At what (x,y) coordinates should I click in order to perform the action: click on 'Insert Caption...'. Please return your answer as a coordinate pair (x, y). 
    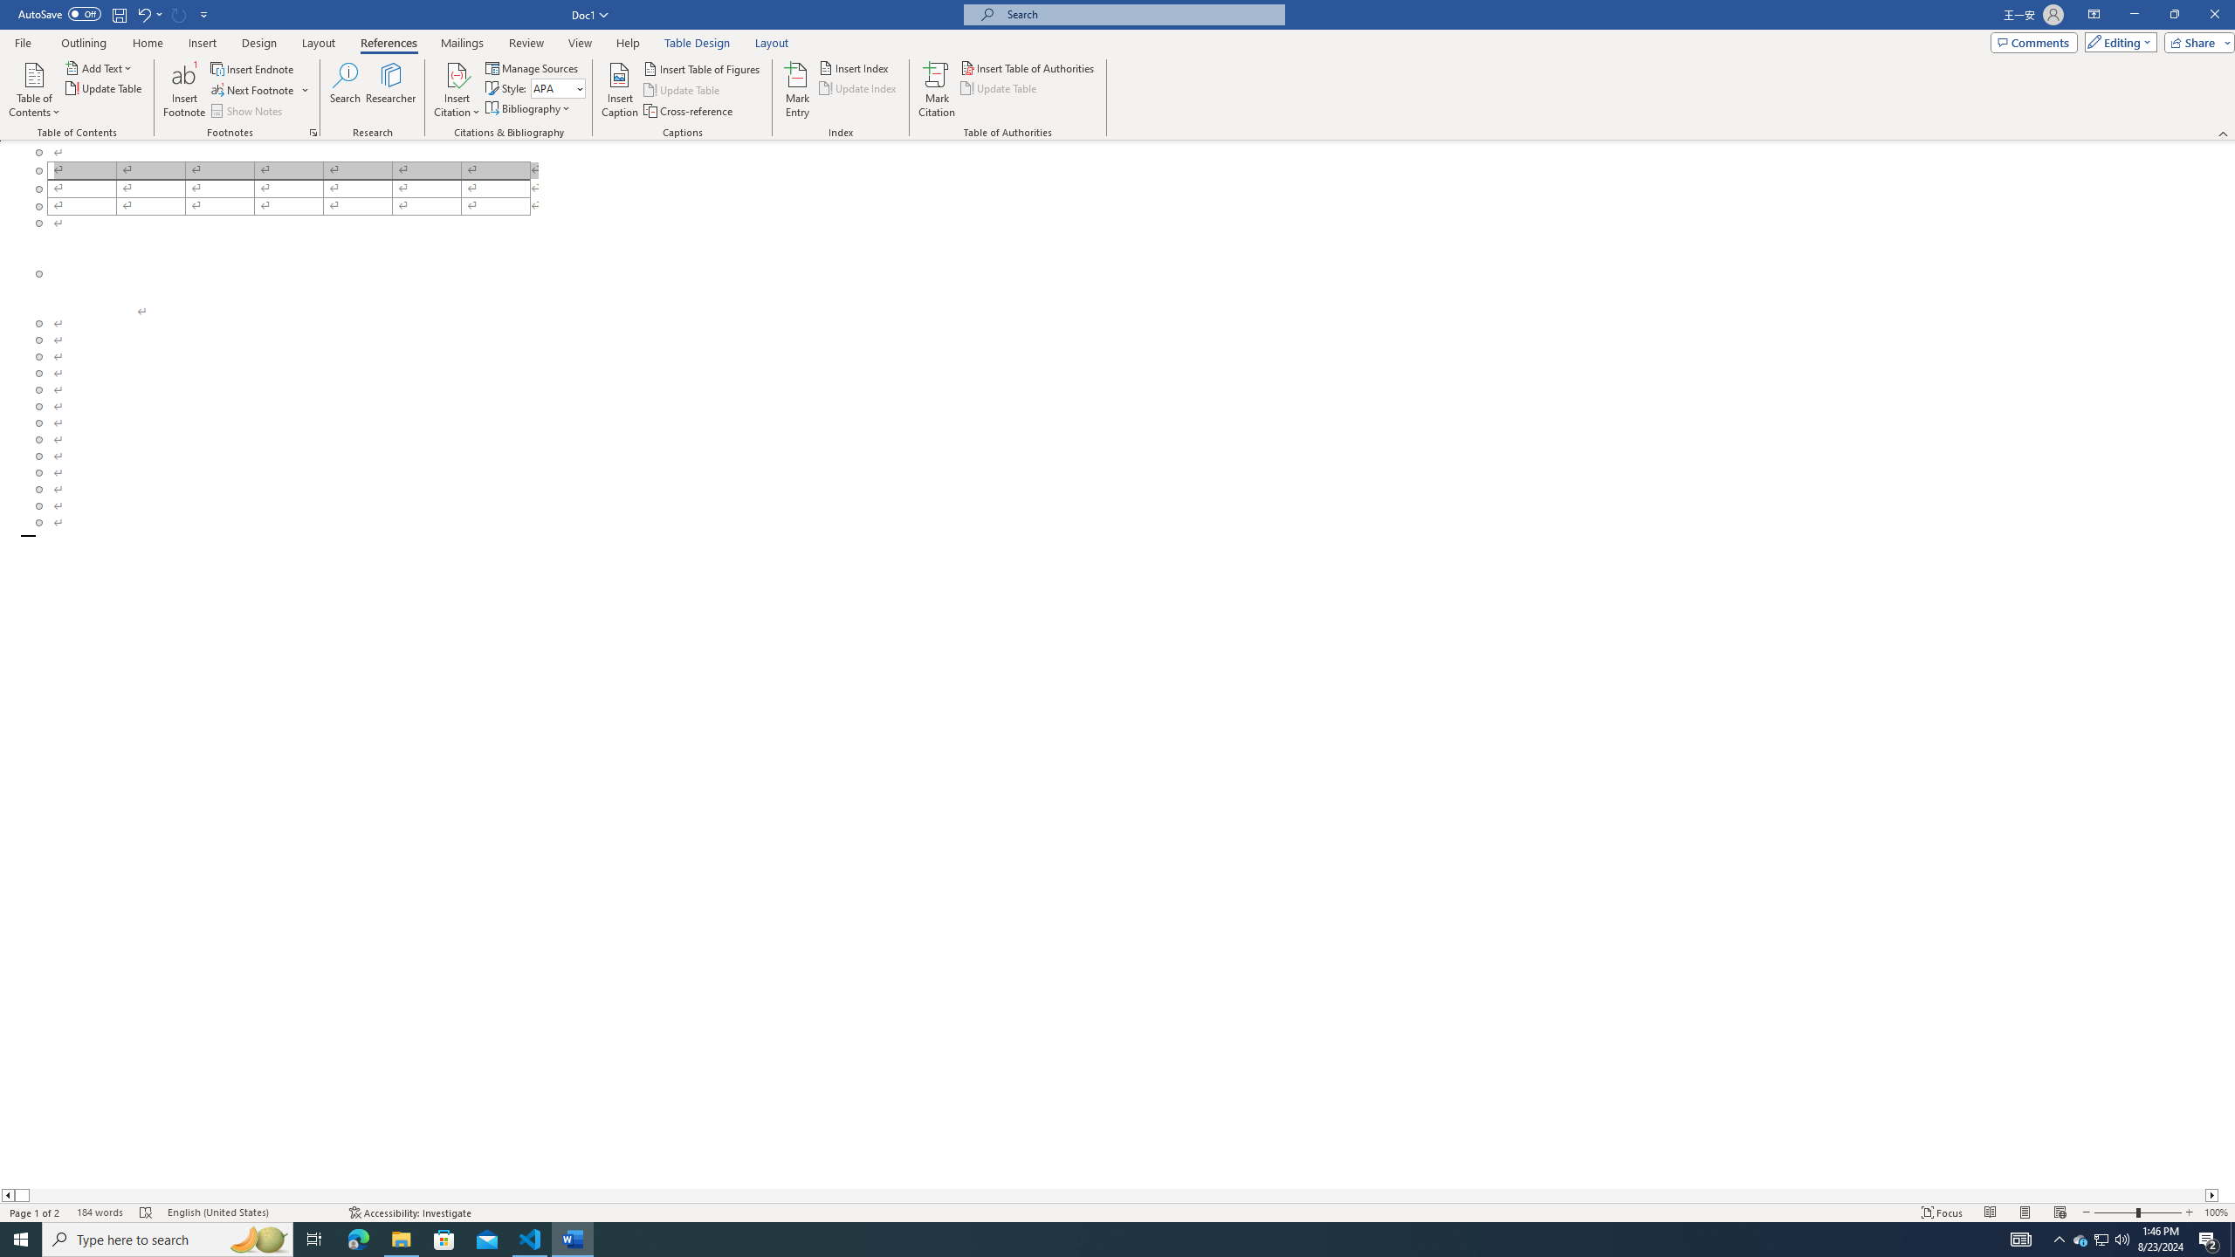
    Looking at the image, I should click on (619, 90).